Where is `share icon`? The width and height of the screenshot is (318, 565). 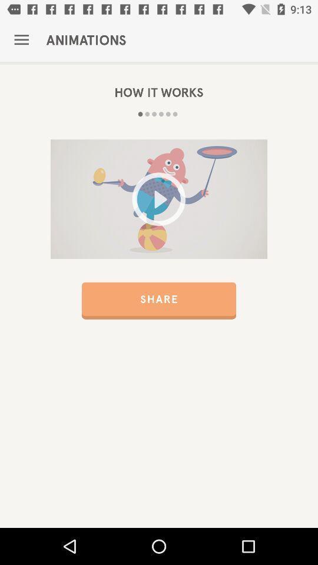 share icon is located at coordinates (159, 300).